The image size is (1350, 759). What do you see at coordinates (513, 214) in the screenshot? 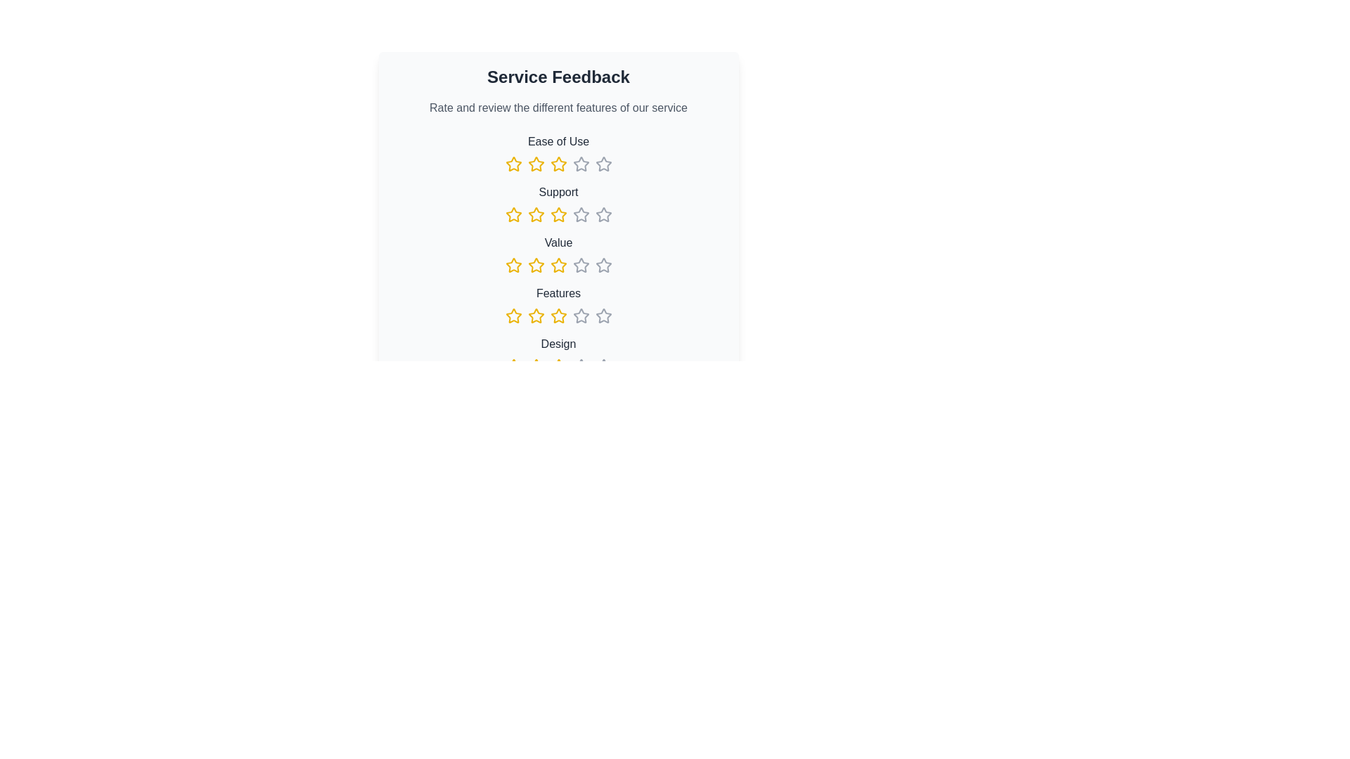
I see `the first yellow star icon in the Support rating section` at bounding box center [513, 214].